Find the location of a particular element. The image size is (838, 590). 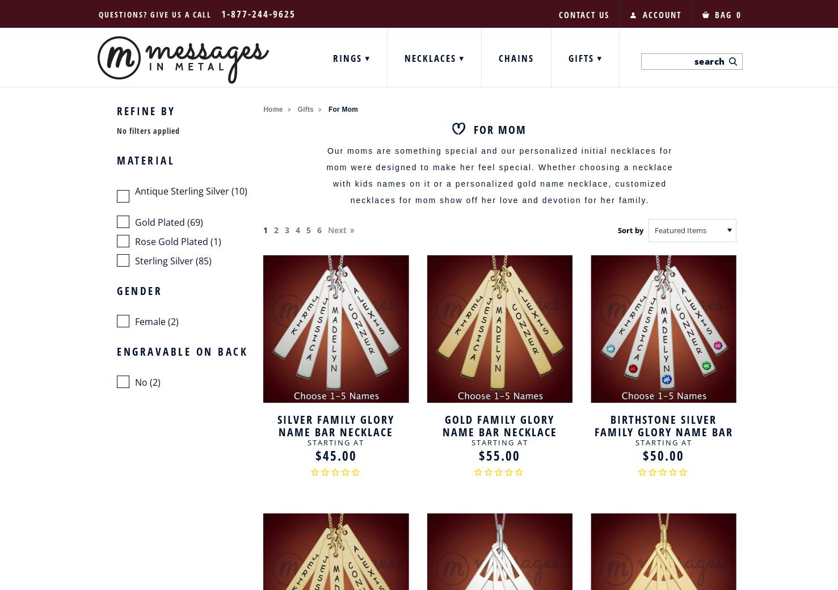

'Home' is located at coordinates (273, 109).